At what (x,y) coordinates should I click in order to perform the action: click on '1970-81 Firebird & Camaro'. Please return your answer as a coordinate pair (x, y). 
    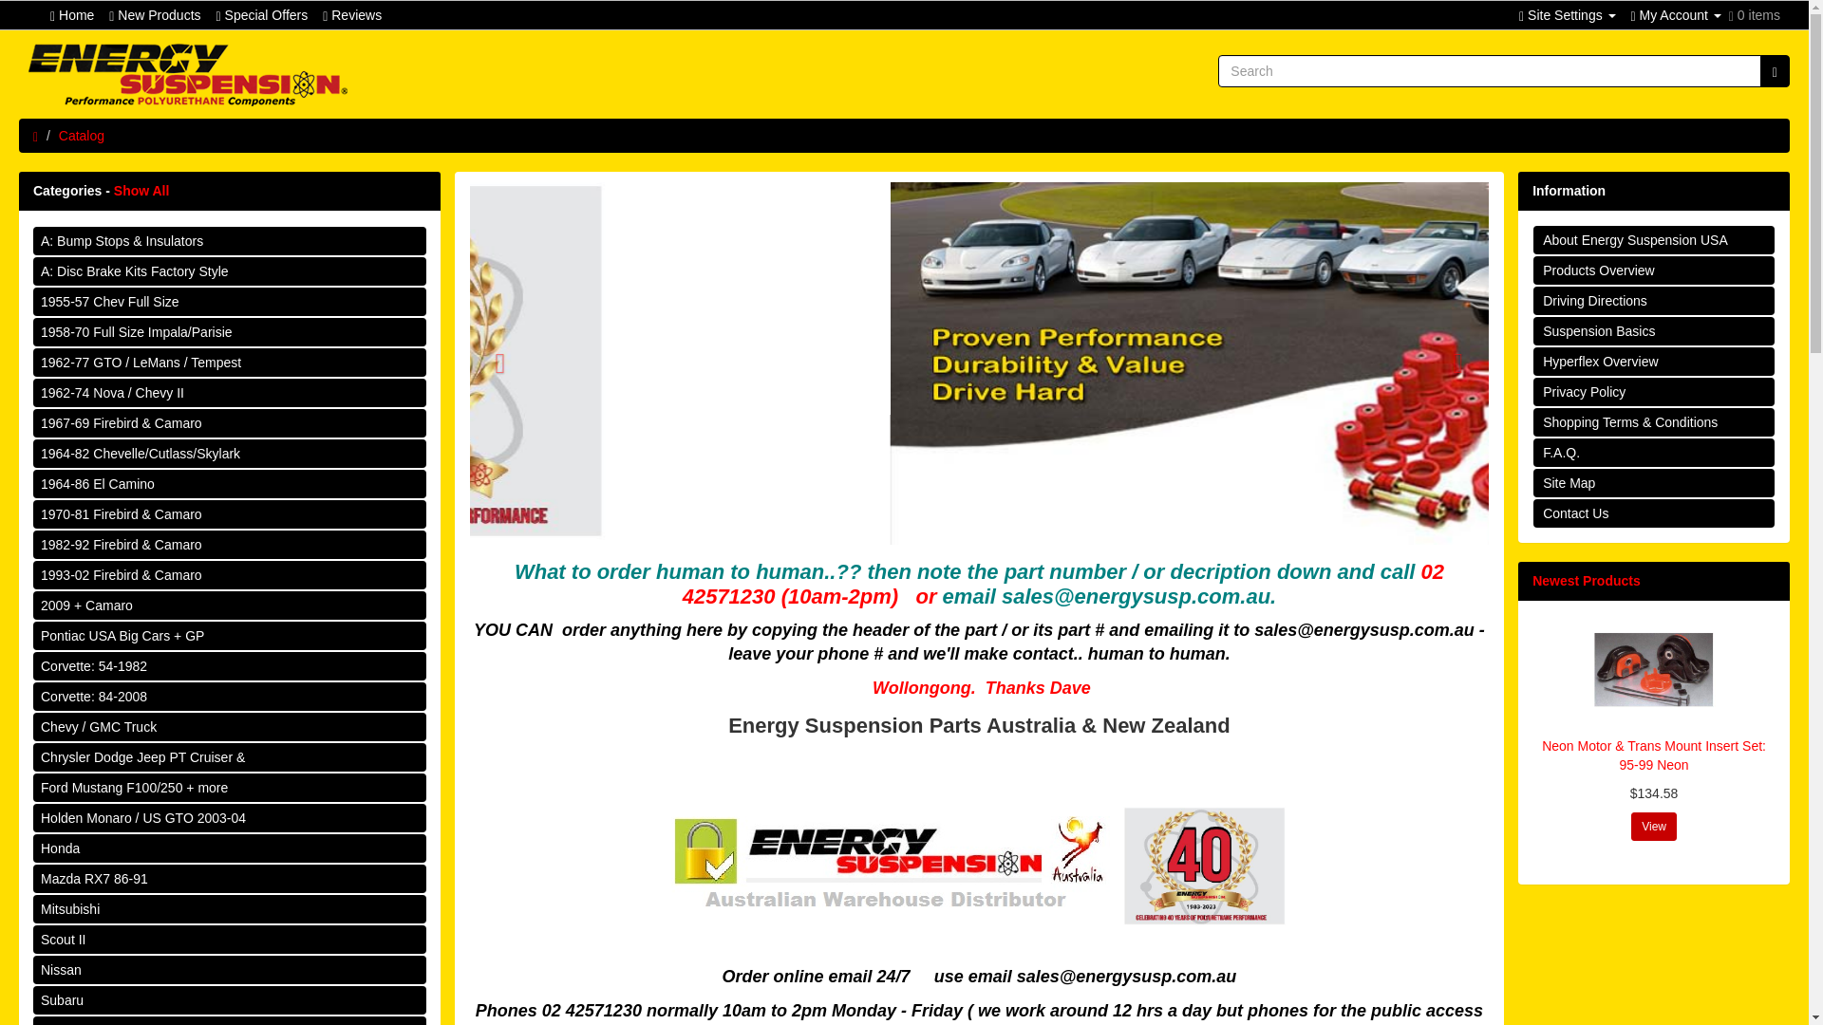
    Looking at the image, I should click on (32, 514).